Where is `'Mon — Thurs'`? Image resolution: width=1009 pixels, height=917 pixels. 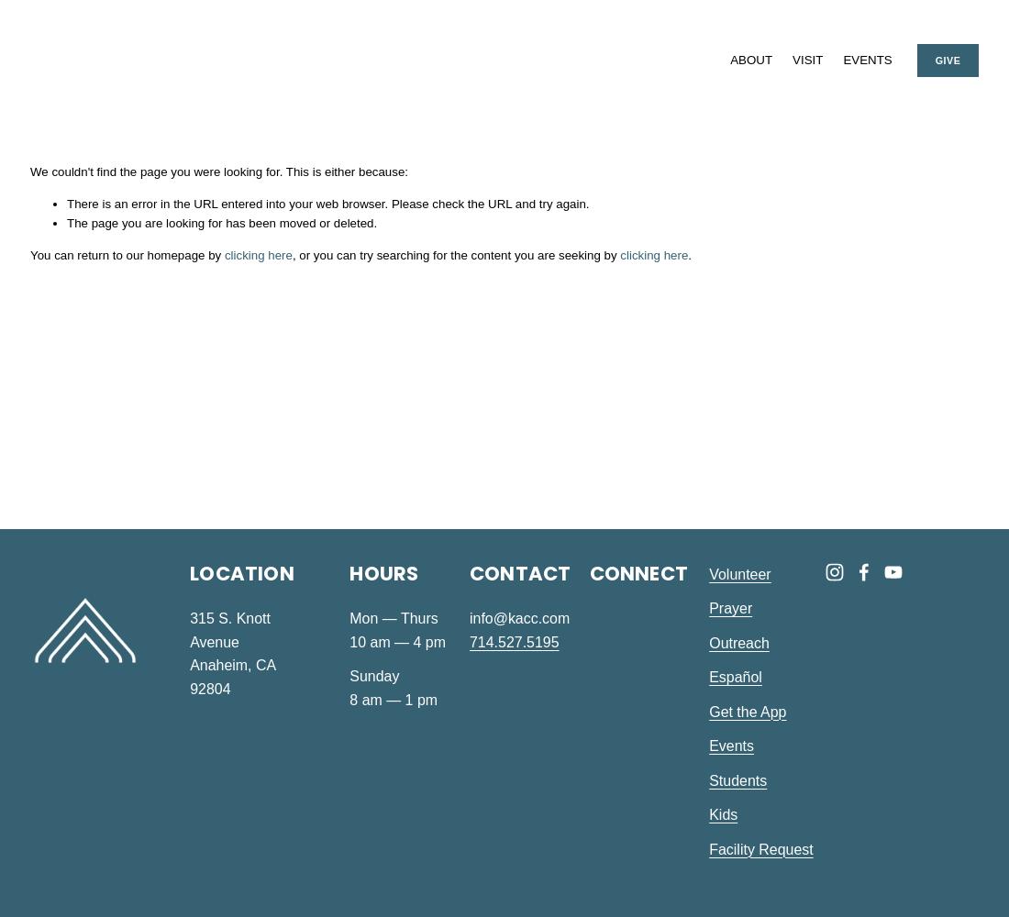
'Mon — Thurs' is located at coordinates (393, 618).